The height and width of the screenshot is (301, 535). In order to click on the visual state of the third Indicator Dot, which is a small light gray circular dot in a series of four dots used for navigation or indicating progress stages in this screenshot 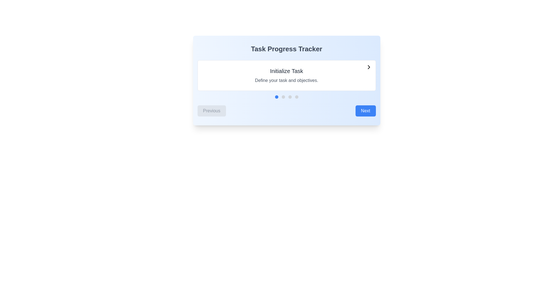, I will do `click(290, 96)`.